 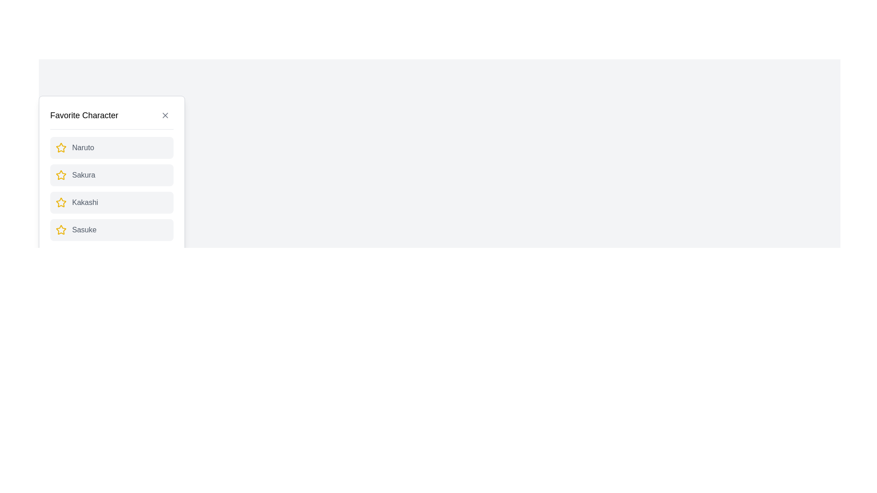 What do you see at coordinates (61, 229) in the screenshot?
I see `the fourth star icon in the 'Favorite Character' panel that indicates a preference for 'Sasuke'` at bounding box center [61, 229].